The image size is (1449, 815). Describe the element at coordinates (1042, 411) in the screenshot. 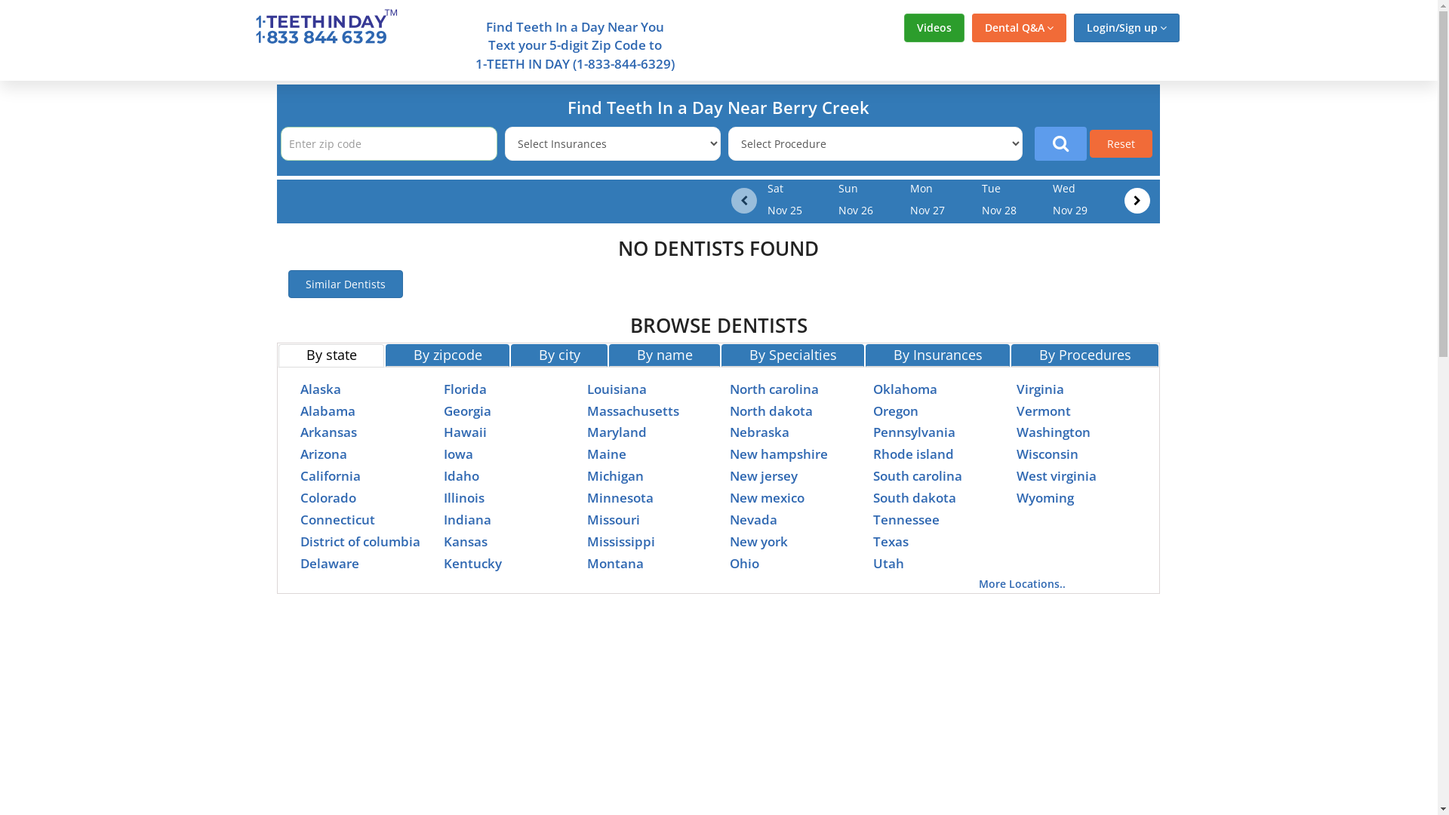

I see `'Vermont'` at that location.